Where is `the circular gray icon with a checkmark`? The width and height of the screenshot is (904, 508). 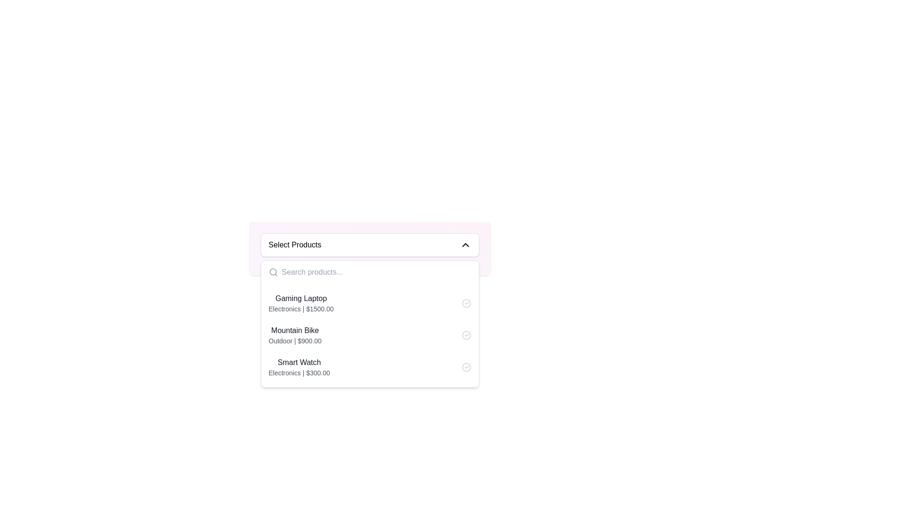
the circular gray icon with a checkmark is located at coordinates (466, 303).